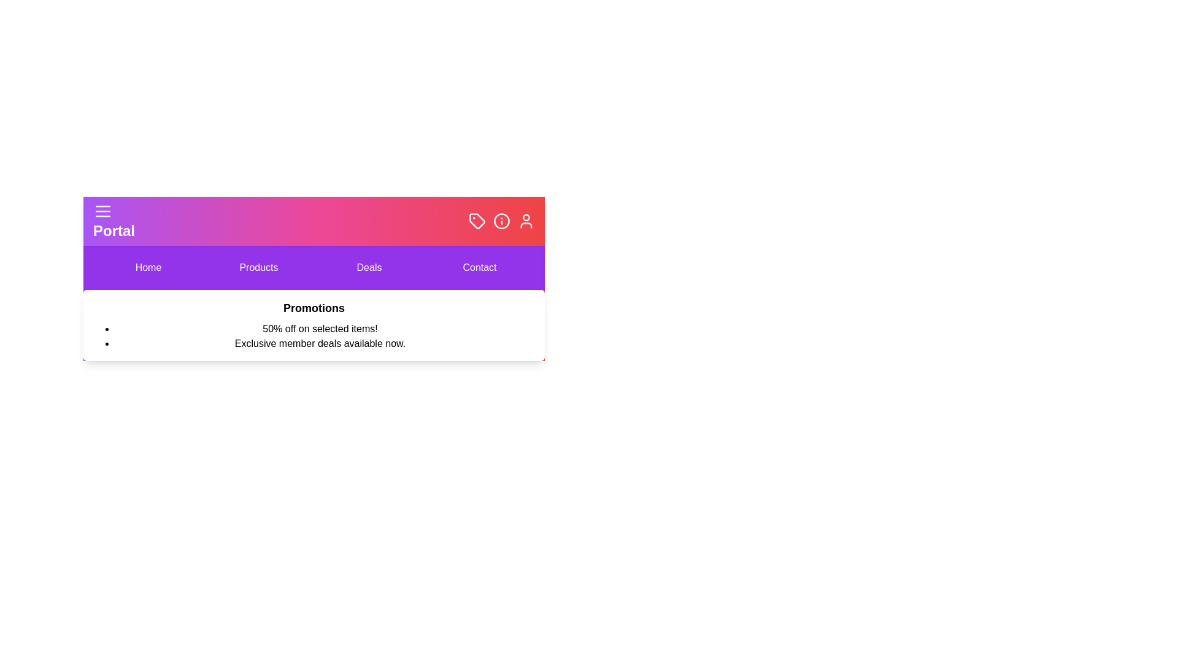  I want to click on the icon Tag to observe visual feedback, so click(476, 221).